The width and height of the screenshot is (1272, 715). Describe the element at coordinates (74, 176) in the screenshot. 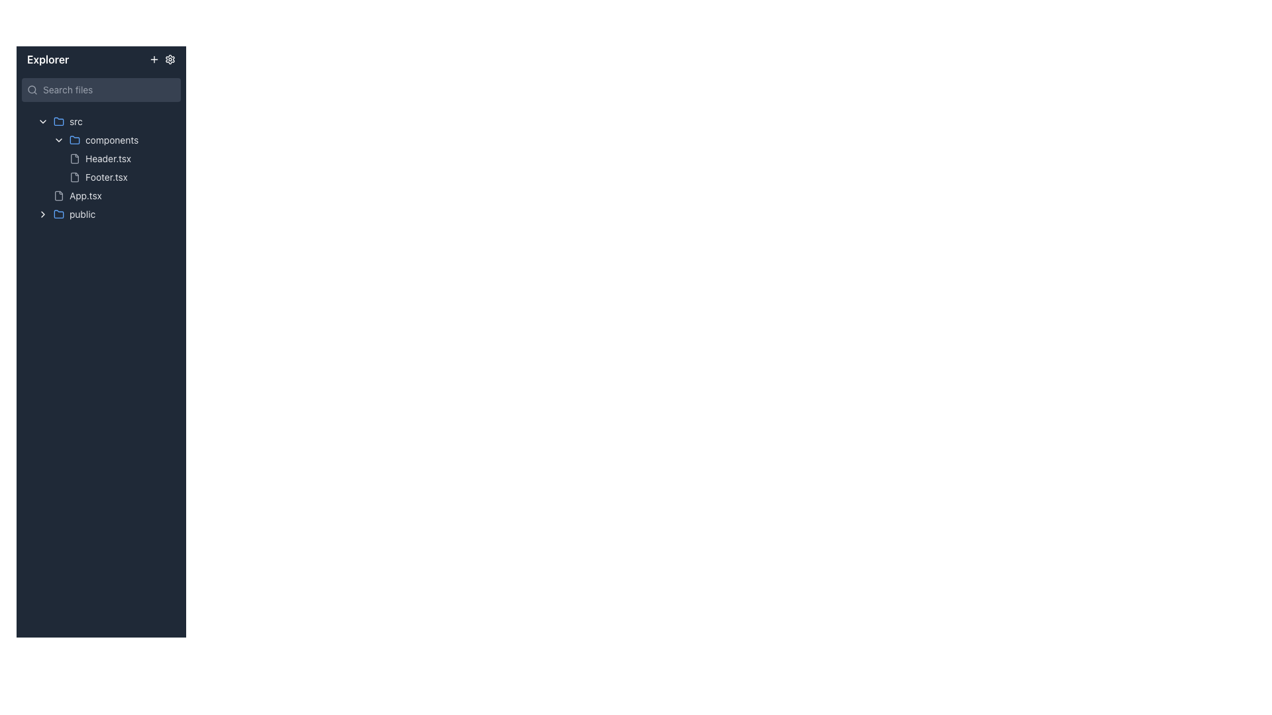

I see `the icon representing the file 'Footer.tsx' located` at that location.